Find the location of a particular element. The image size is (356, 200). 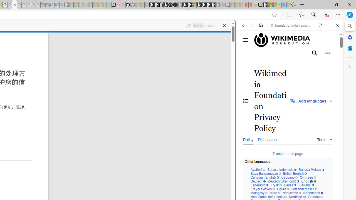

'Search Filter, Search Tools' is located at coordinates (304, 63).